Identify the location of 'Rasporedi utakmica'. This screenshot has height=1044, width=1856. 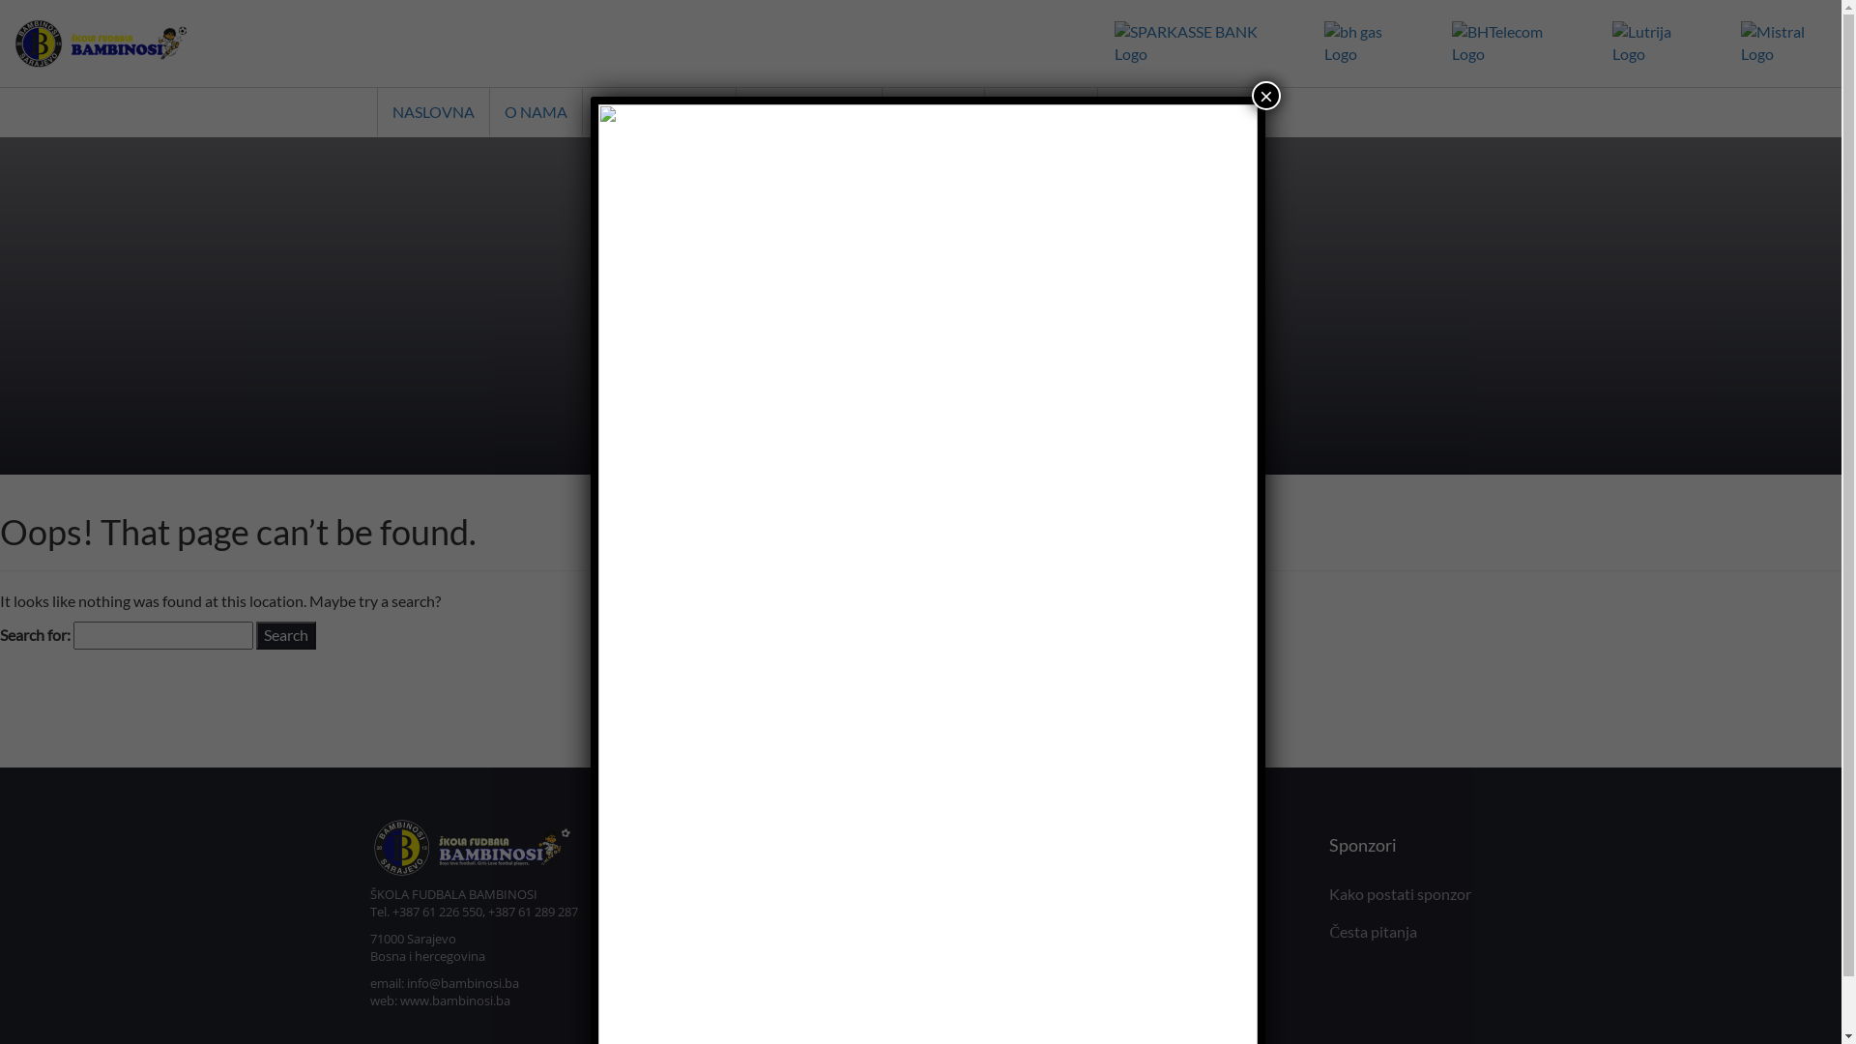
(849, 969).